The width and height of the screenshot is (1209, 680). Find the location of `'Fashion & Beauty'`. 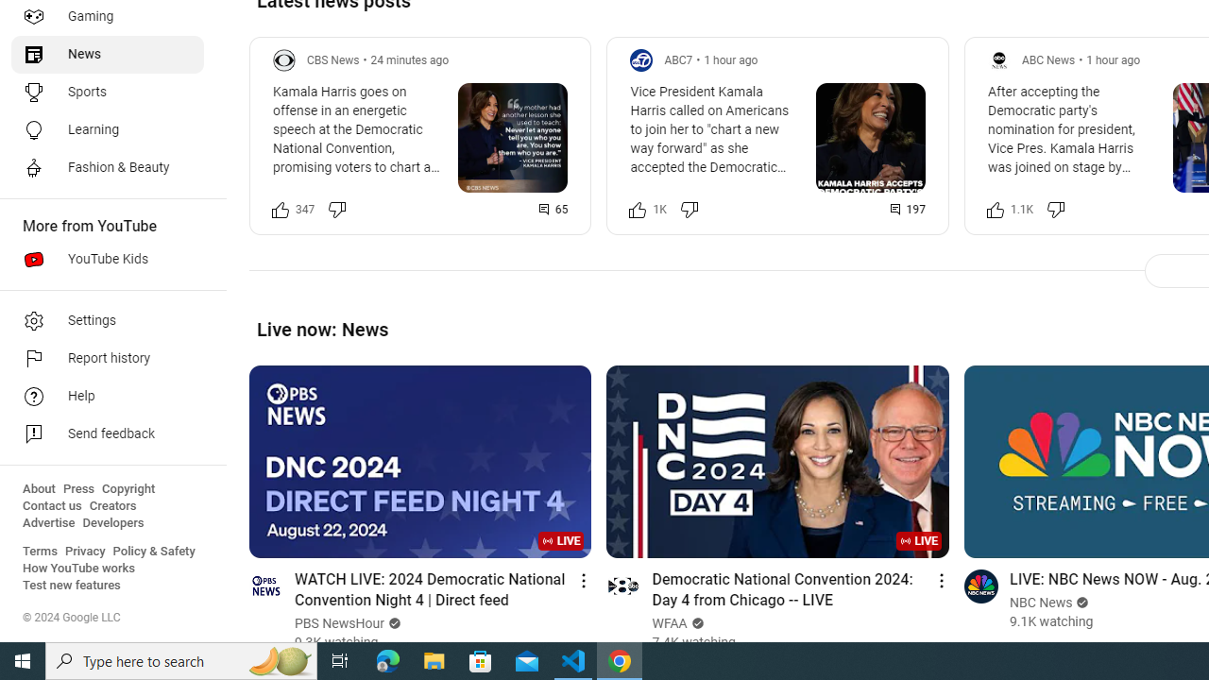

'Fashion & Beauty' is located at coordinates (106, 166).